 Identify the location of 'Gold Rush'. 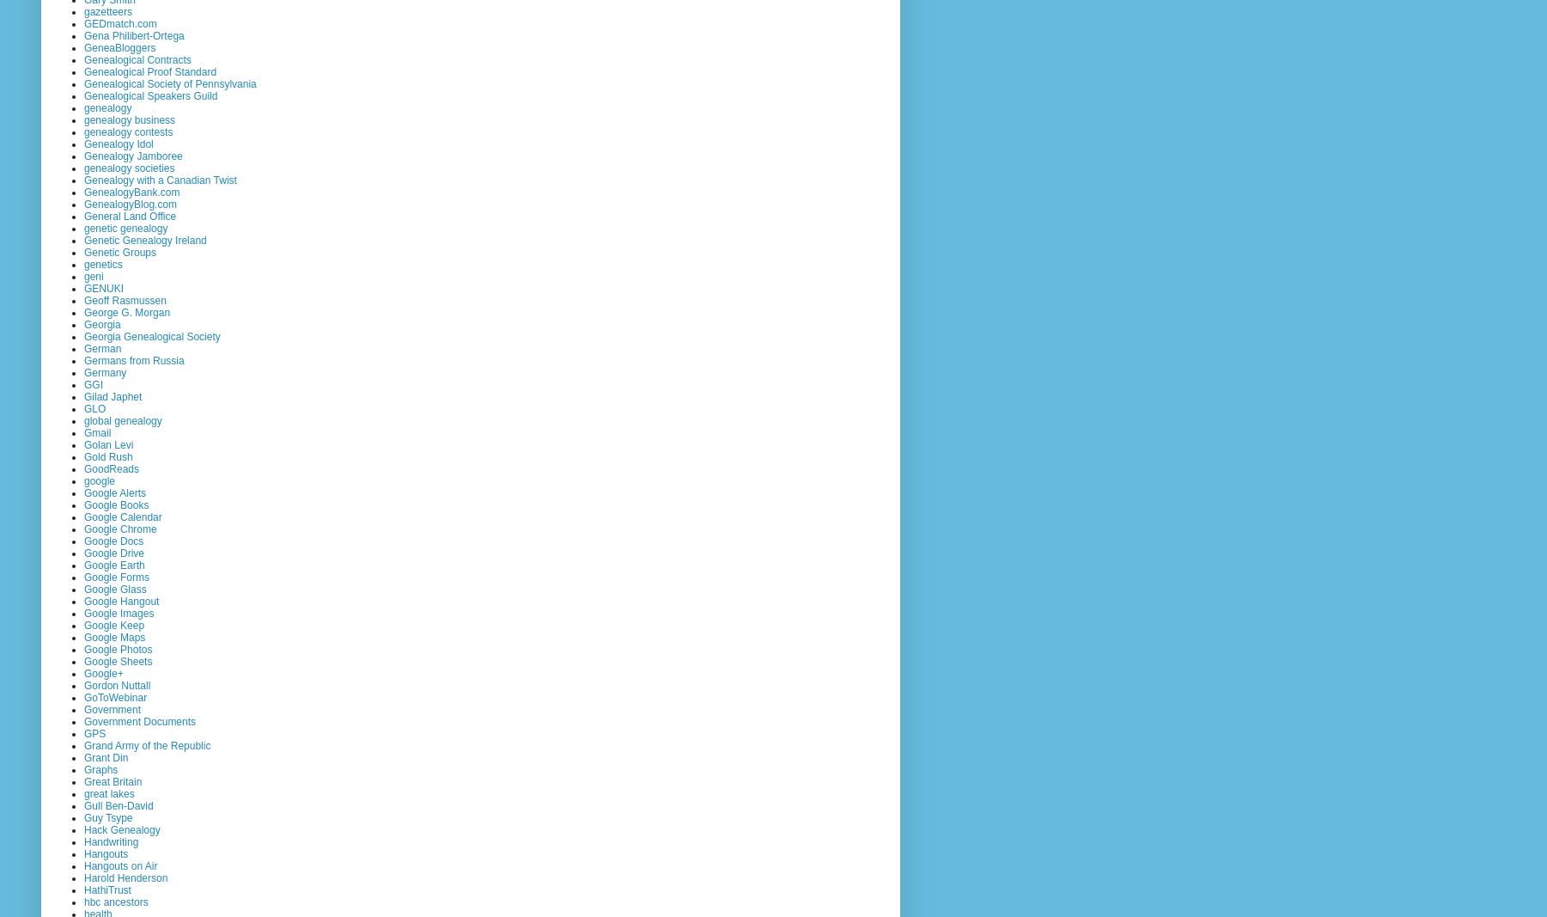
(108, 455).